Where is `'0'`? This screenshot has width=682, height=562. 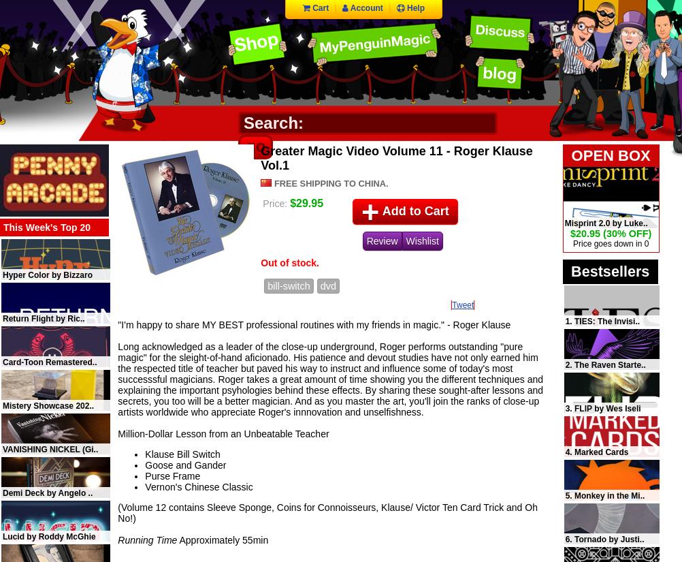 '0' is located at coordinates (643, 243).